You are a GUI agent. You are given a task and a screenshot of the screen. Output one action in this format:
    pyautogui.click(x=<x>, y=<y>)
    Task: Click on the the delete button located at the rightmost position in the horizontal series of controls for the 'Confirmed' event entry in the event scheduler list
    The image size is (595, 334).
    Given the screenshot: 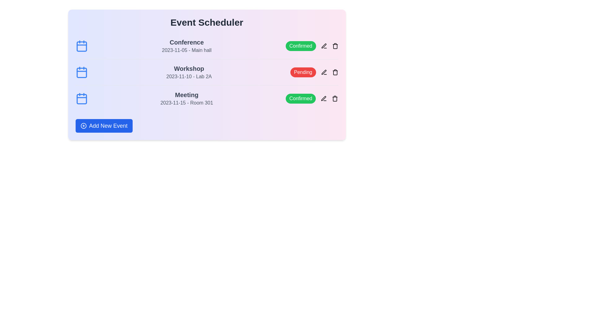 What is the action you would take?
    pyautogui.click(x=335, y=46)
    